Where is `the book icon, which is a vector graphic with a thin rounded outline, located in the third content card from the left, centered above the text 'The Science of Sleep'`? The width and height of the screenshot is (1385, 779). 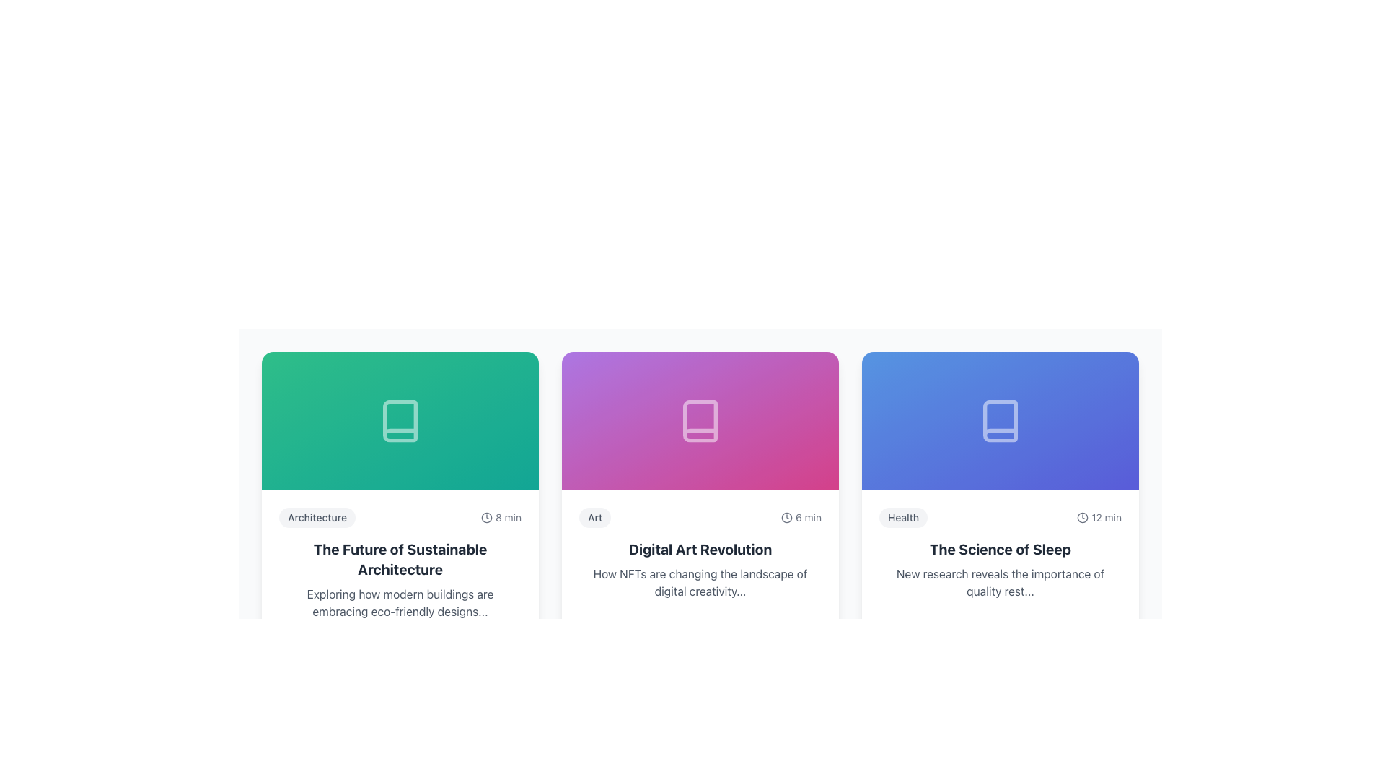
the book icon, which is a vector graphic with a thin rounded outline, located in the third content card from the left, centered above the text 'The Science of Sleep' is located at coordinates (1000, 421).